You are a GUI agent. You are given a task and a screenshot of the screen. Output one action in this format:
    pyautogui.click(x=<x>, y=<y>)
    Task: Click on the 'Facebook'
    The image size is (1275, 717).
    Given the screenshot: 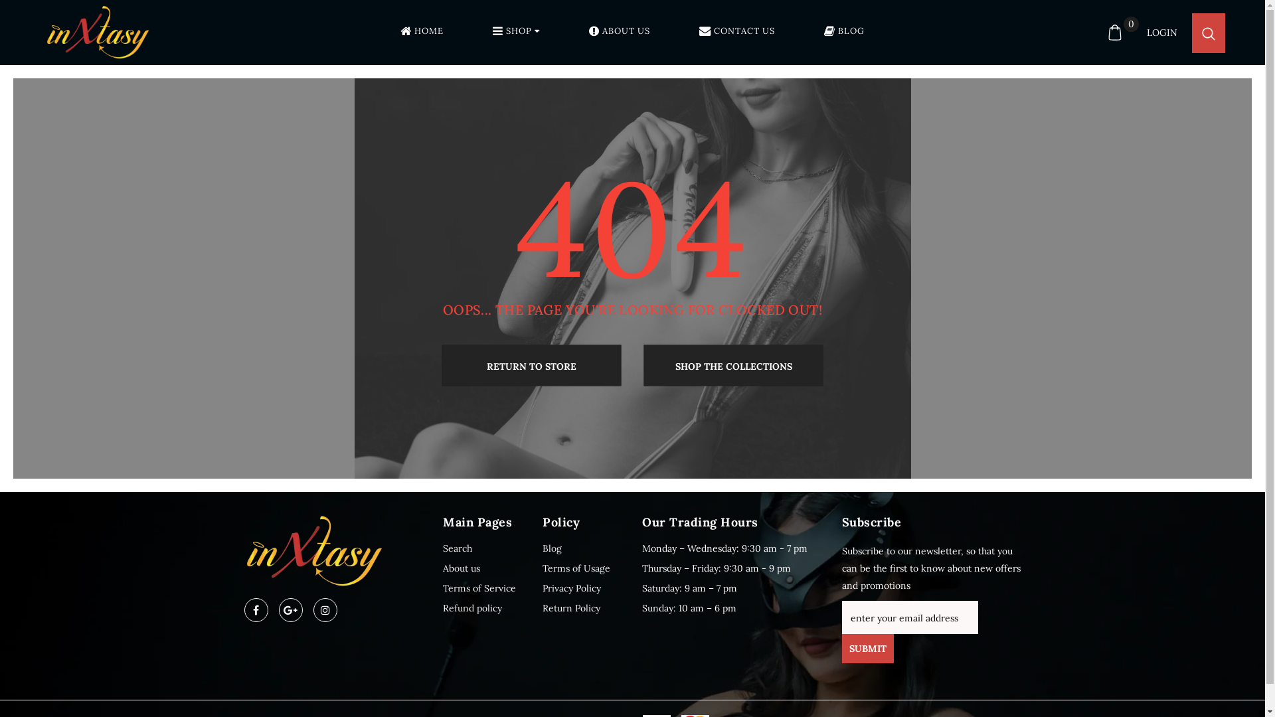 What is the action you would take?
    pyautogui.click(x=256, y=609)
    